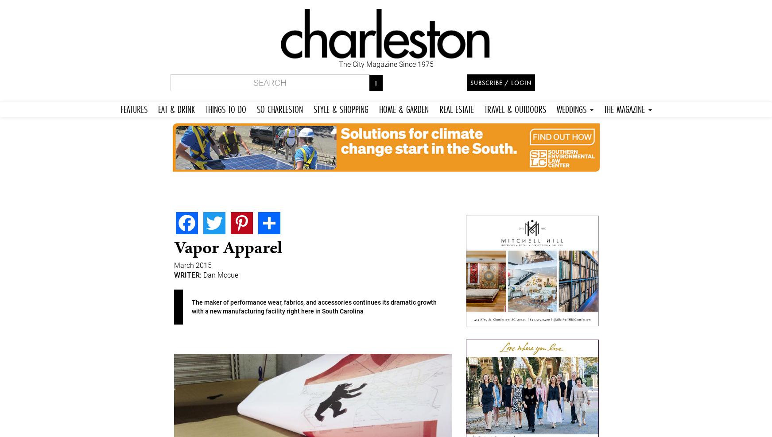  I want to click on 'March 2015', so click(192, 264).